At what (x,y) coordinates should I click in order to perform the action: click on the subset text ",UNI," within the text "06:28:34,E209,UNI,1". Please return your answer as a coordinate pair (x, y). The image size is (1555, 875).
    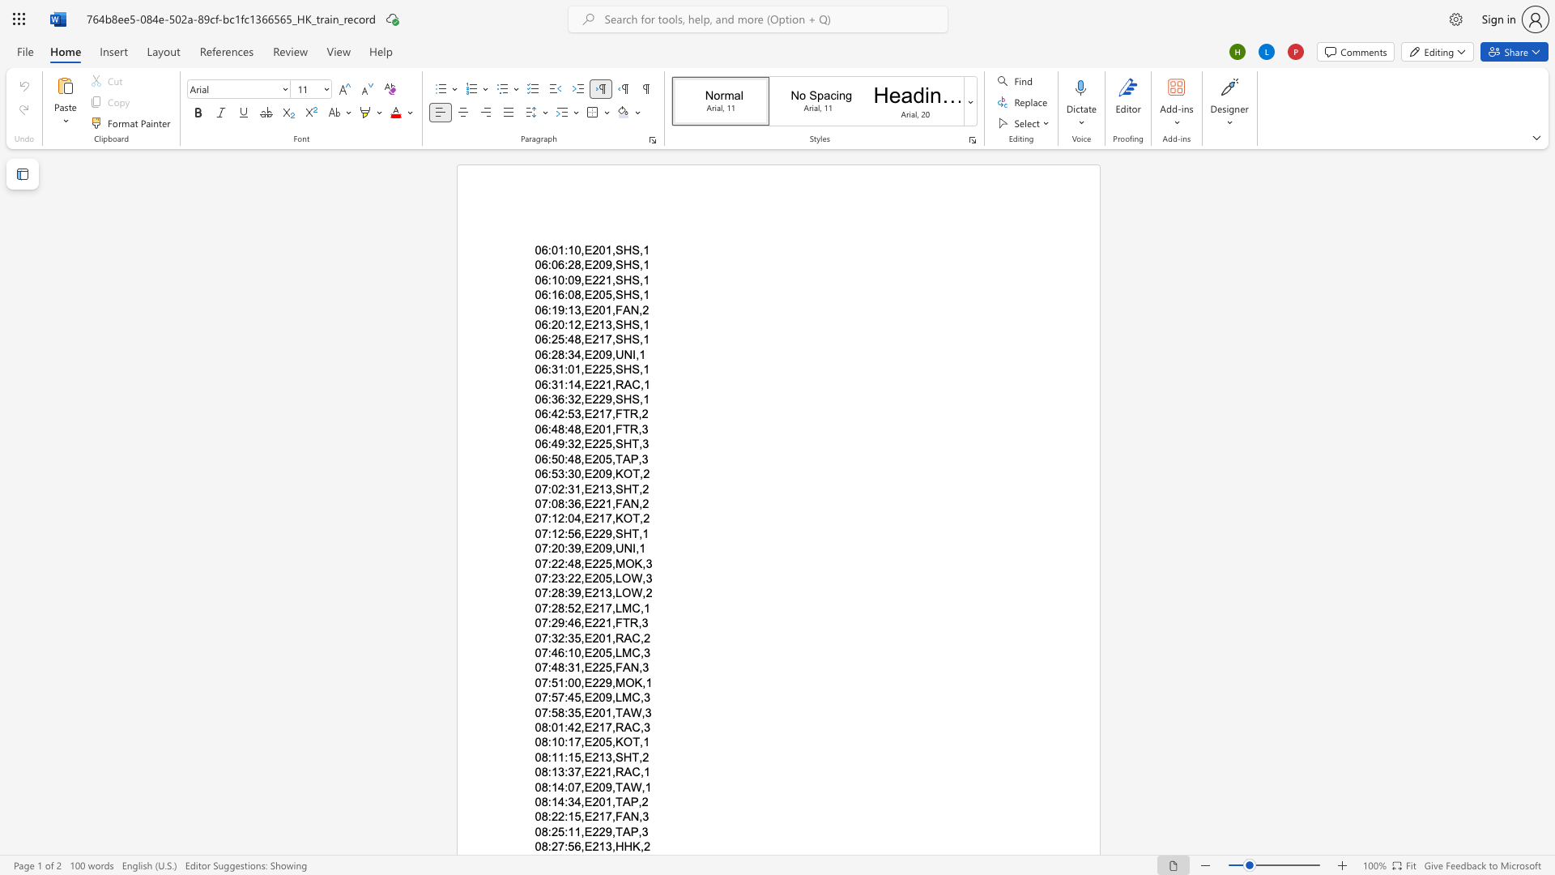
    Looking at the image, I should click on (611, 353).